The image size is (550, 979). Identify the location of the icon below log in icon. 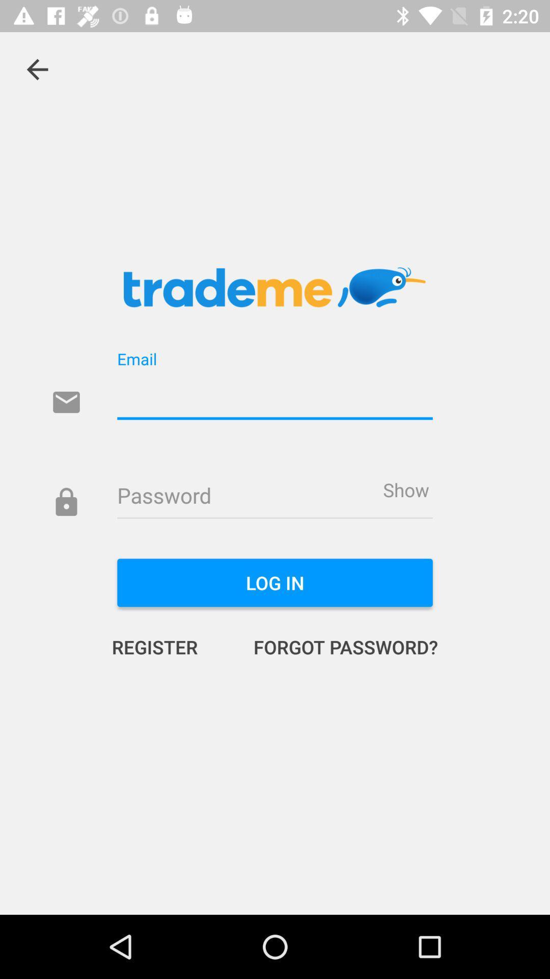
(165, 646).